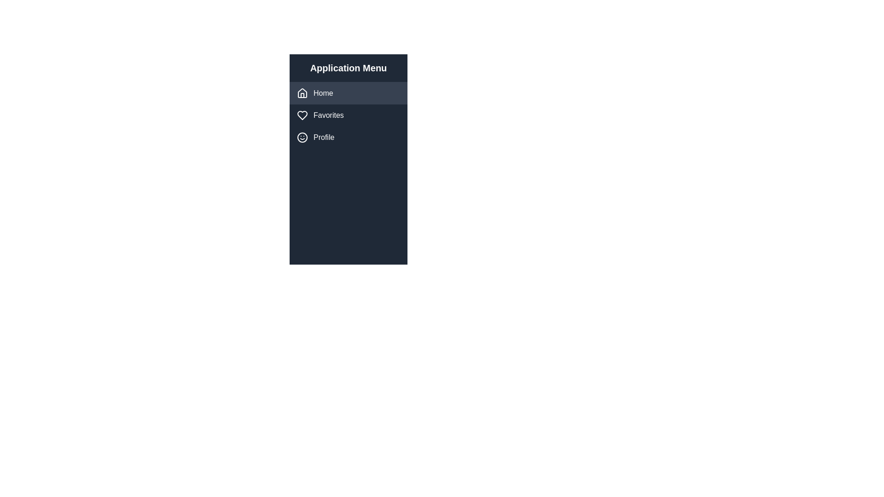  I want to click on the 'Favorites' icon in the vertical menu layout, so click(302, 115).